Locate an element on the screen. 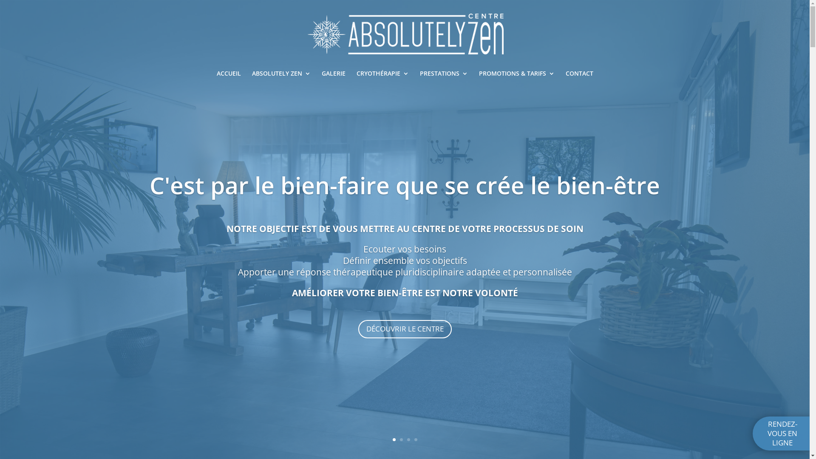 The image size is (816, 459). '2' is located at coordinates (399, 439).